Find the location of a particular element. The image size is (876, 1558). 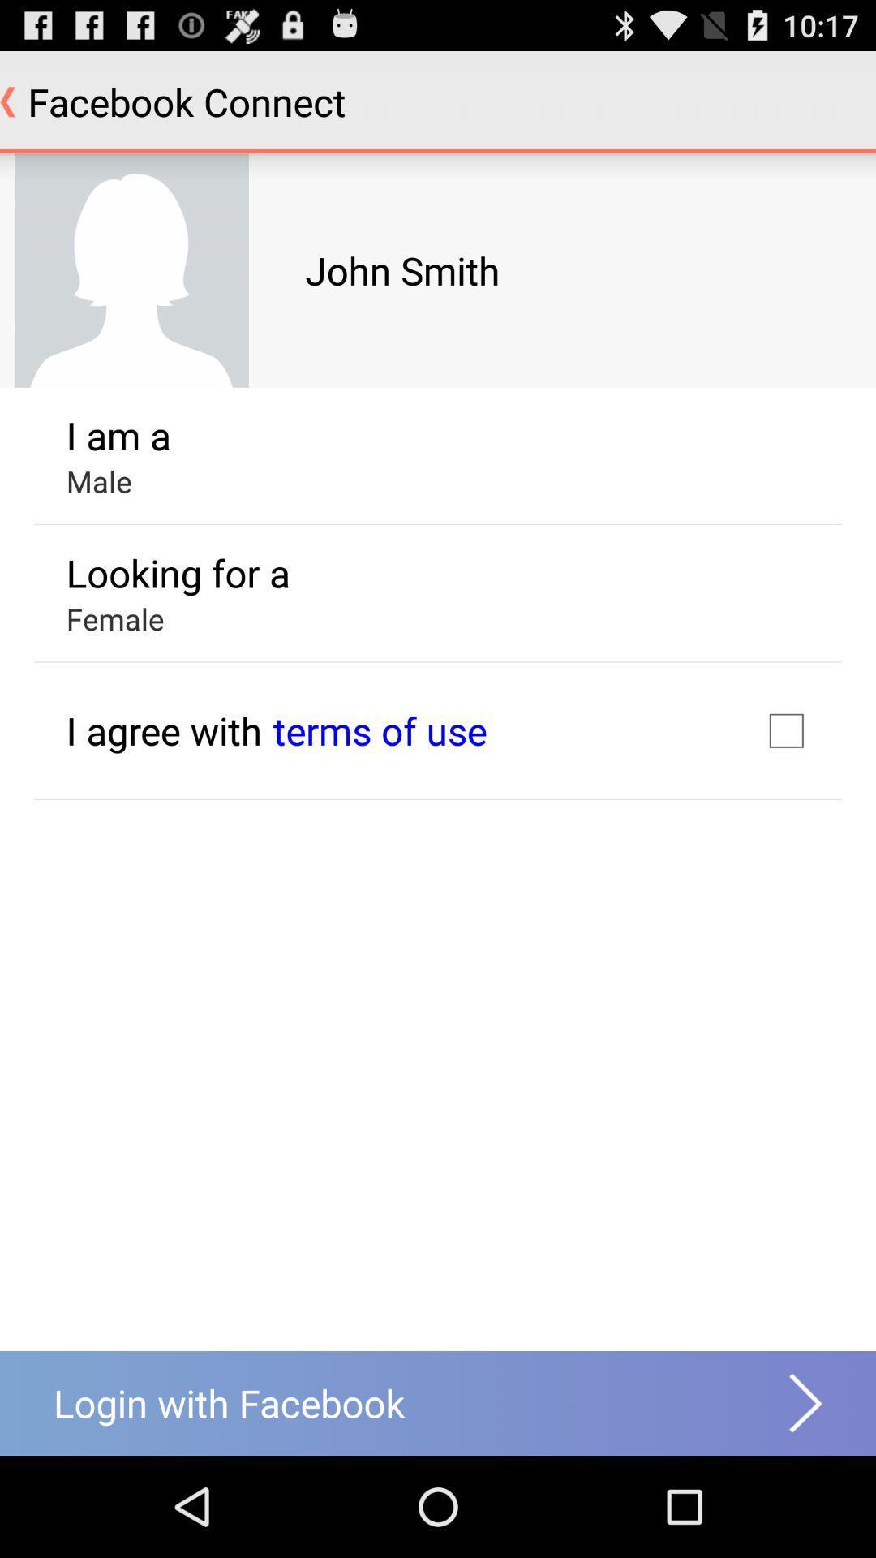

male is located at coordinates (99, 480).